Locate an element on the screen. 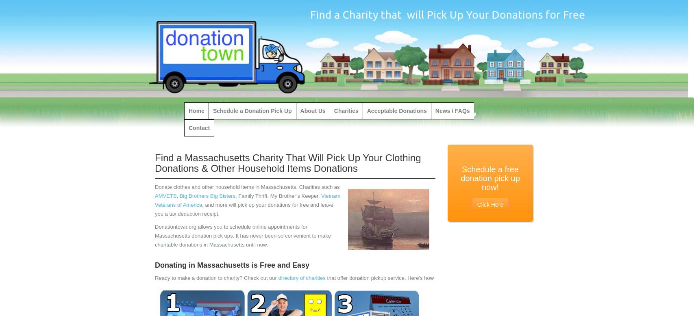 The width and height of the screenshot is (694, 316). 'directory of       charities' is located at coordinates (302, 277).